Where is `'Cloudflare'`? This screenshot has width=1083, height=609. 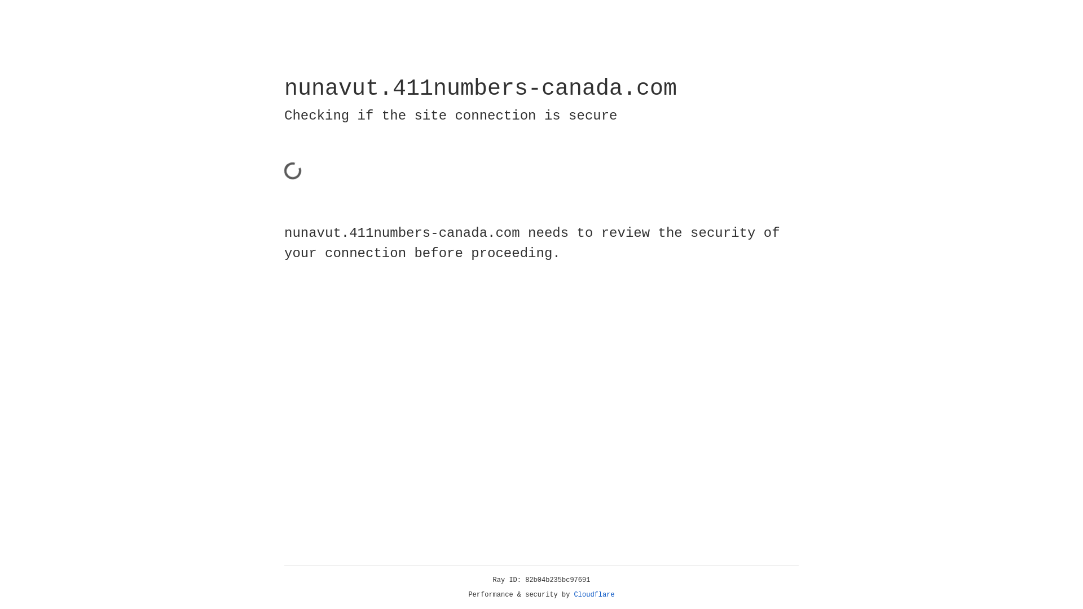 'Cloudflare' is located at coordinates (594, 594).